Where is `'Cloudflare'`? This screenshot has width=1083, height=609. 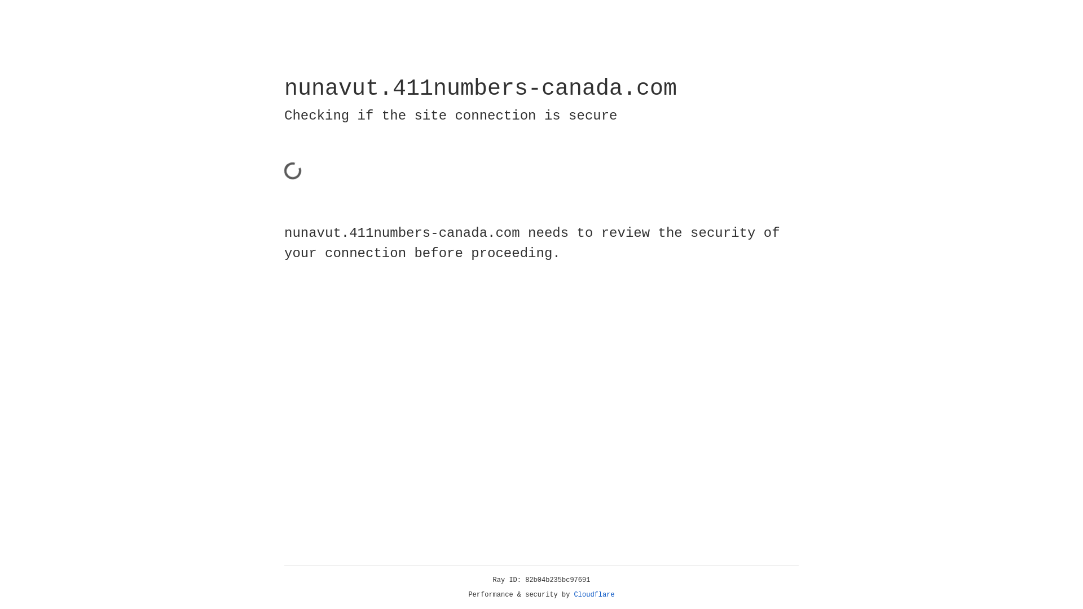 'Cloudflare' is located at coordinates (594, 594).